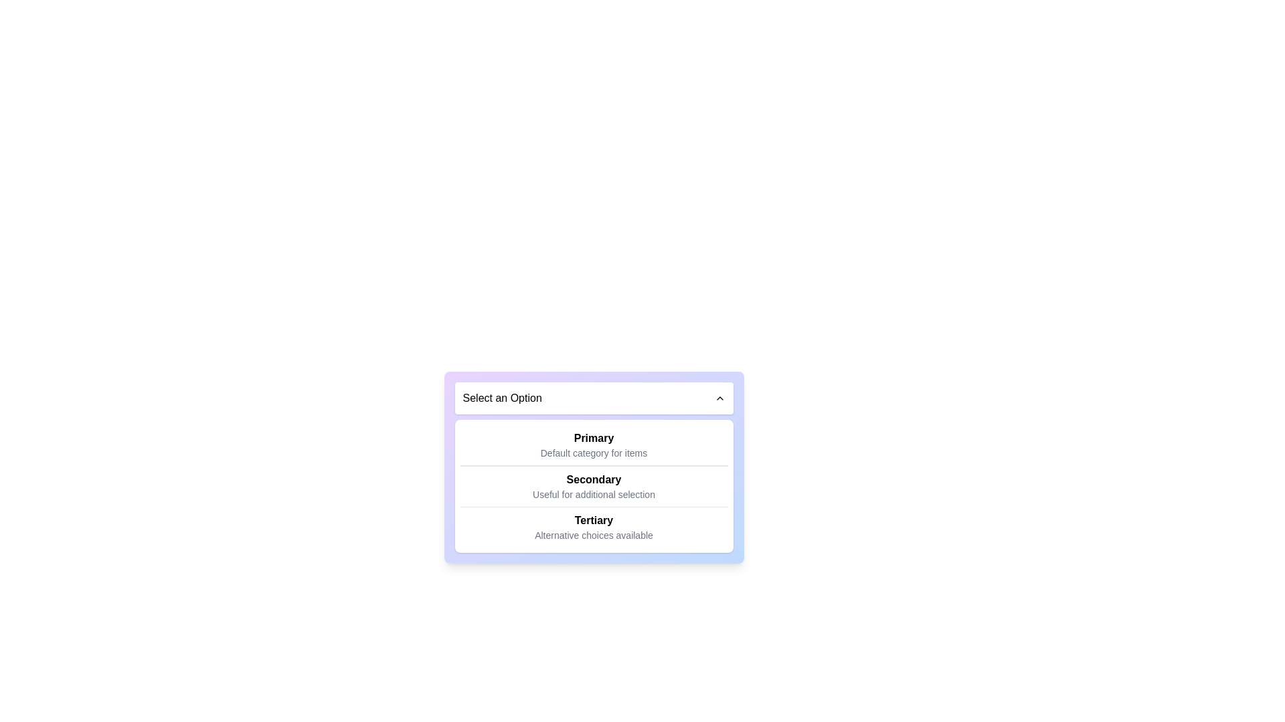 Image resolution: width=1285 pixels, height=722 pixels. What do you see at coordinates (593, 445) in the screenshot?
I see `the text block labeled 'Primary' which is the first element in the list below the 'Select an Option' dropdown menu` at bounding box center [593, 445].